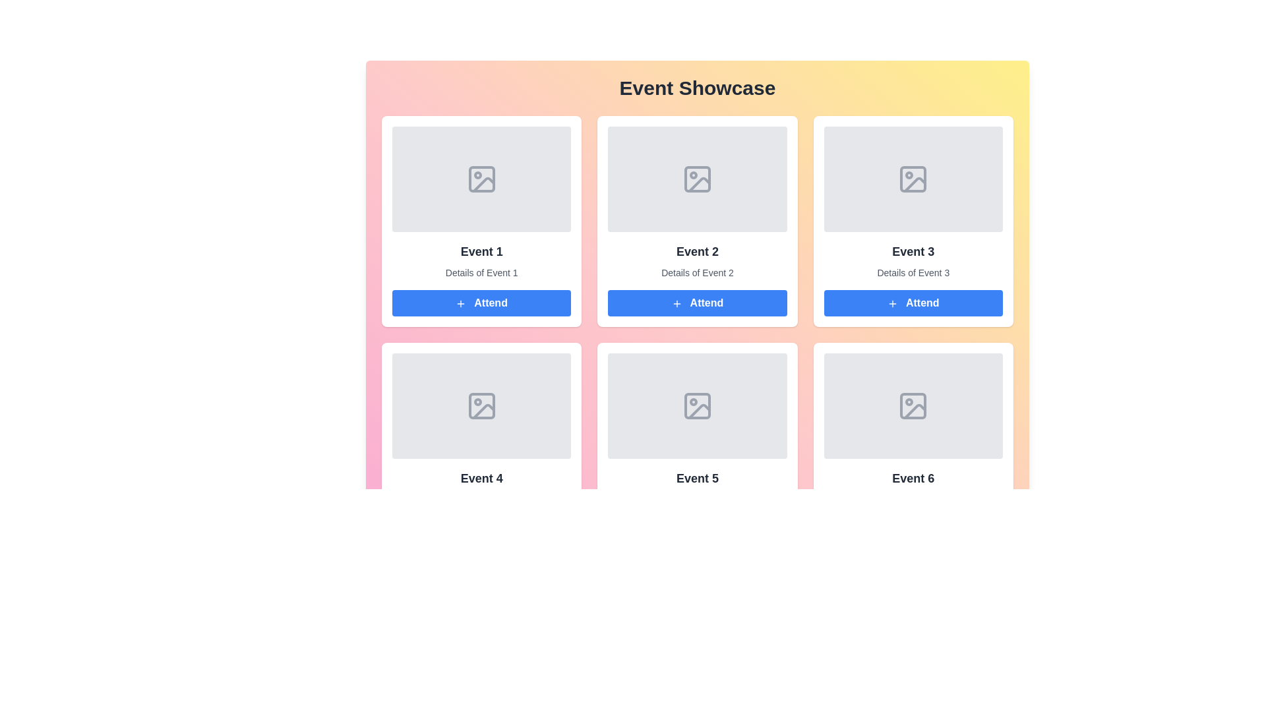 This screenshot has width=1266, height=712. Describe the element at coordinates (913, 272) in the screenshot. I see `the static text label displaying 'Details of Event 3', which is located below the title 'Event 3' and above the 'Attend' button in the third event card of the grid` at that location.